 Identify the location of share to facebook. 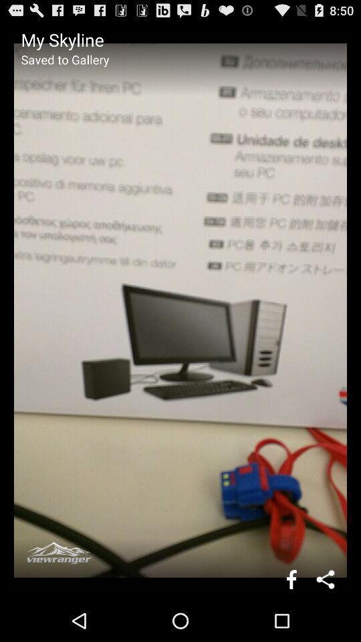
(291, 578).